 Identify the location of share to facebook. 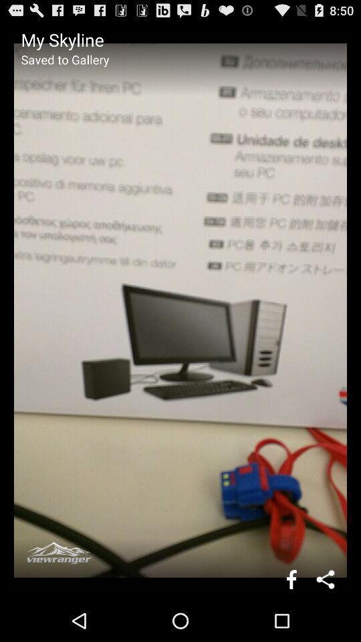
(291, 578).